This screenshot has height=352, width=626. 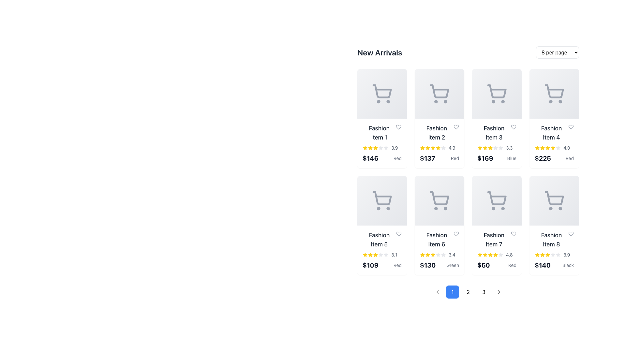 I want to click on the text label that identifies a specific product in the grid, which is the fifth item in the second row, so click(x=382, y=240).